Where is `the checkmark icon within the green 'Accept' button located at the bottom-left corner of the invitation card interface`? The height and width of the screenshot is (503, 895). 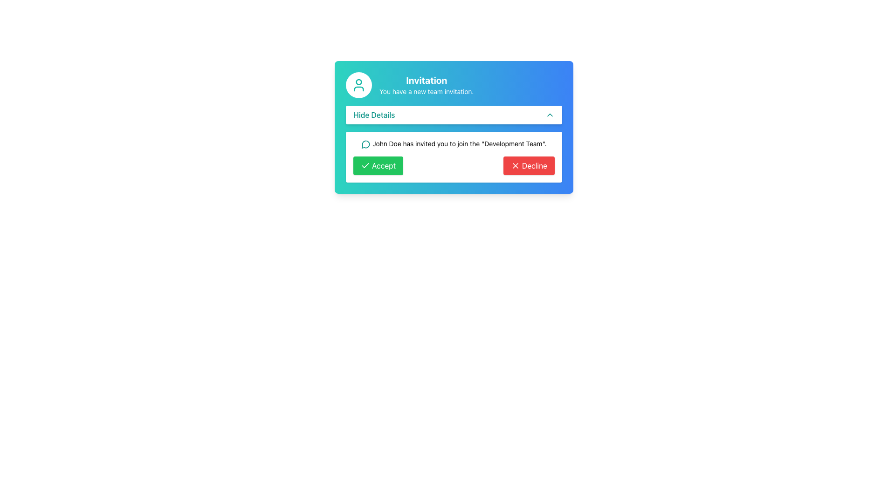
the checkmark icon within the green 'Accept' button located at the bottom-left corner of the invitation card interface is located at coordinates (365, 165).